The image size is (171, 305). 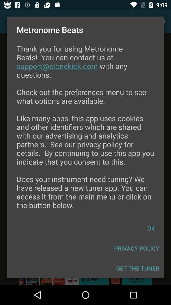 I want to click on the icon above the privacy policy item, so click(x=150, y=228).